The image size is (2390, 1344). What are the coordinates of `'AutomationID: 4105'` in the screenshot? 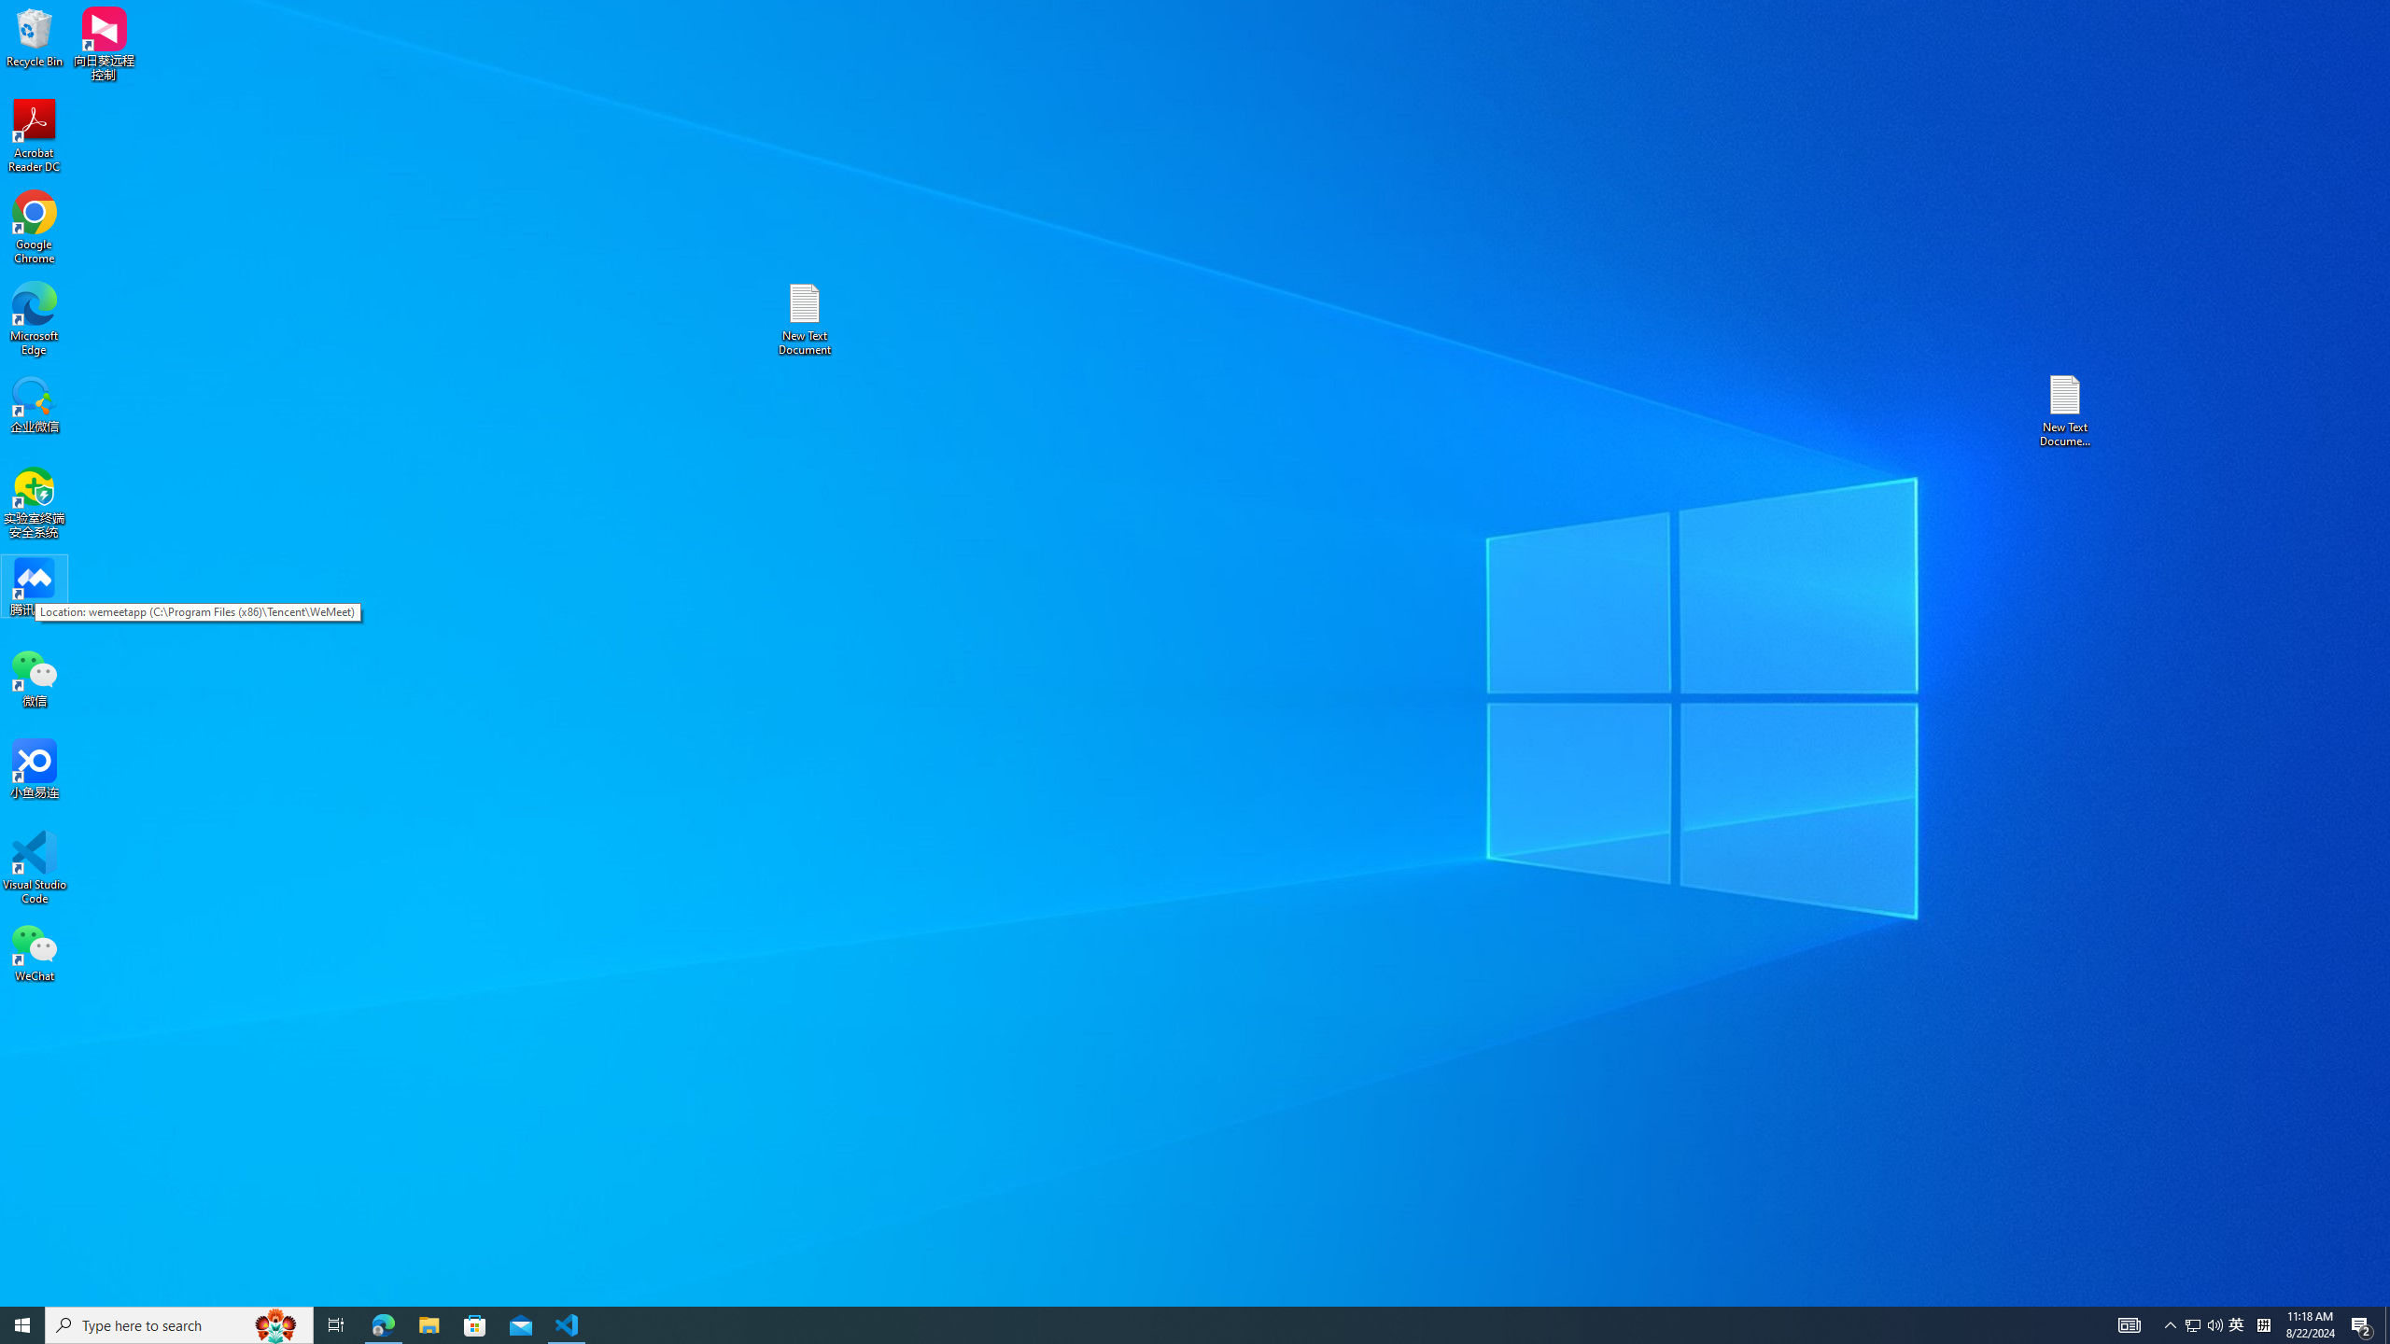 It's located at (2128, 1323).